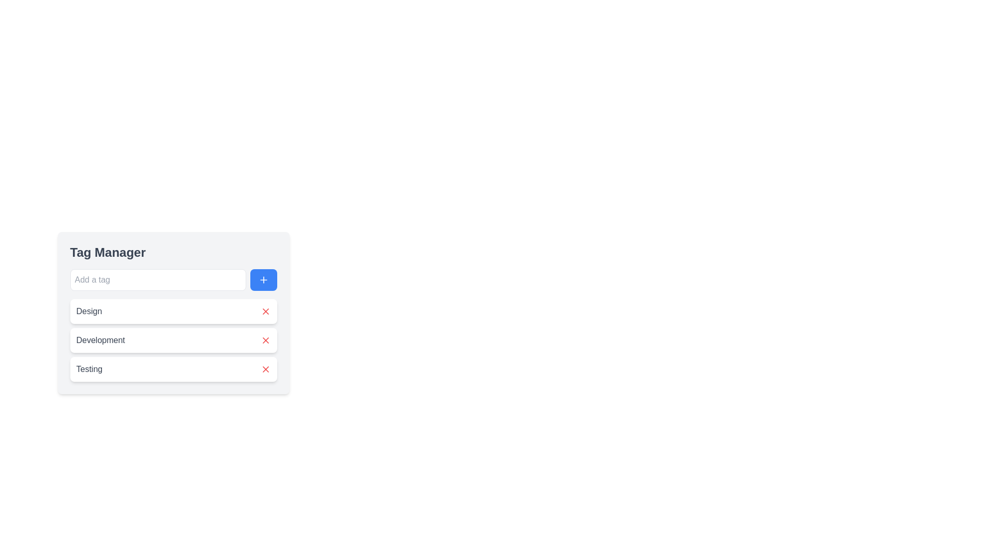 The height and width of the screenshot is (558, 993). Describe the element at coordinates (173, 312) in the screenshot. I see `the first list item labeled 'Design' to potentially edit or interact with it` at that location.